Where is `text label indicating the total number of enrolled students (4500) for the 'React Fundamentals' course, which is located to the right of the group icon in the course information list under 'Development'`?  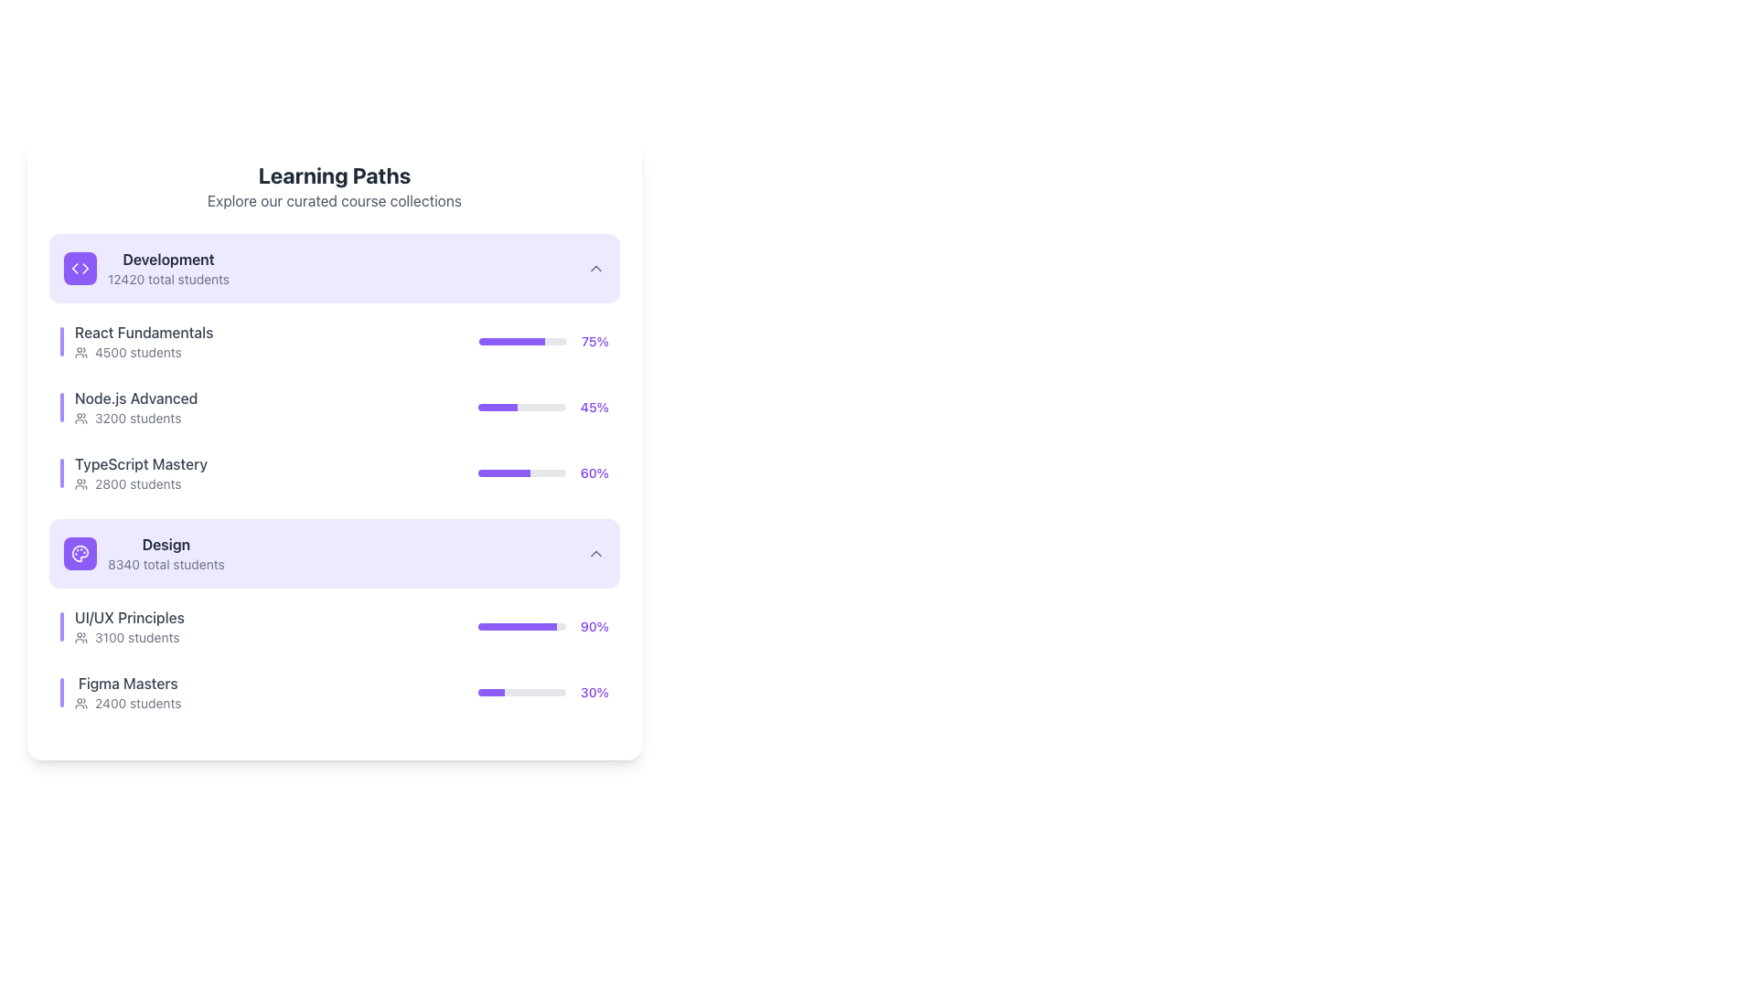 text label indicating the total number of enrolled students (4500) for the 'React Fundamentals' course, which is located to the right of the group icon in the course information list under 'Development' is located at coordinates (137, 352).